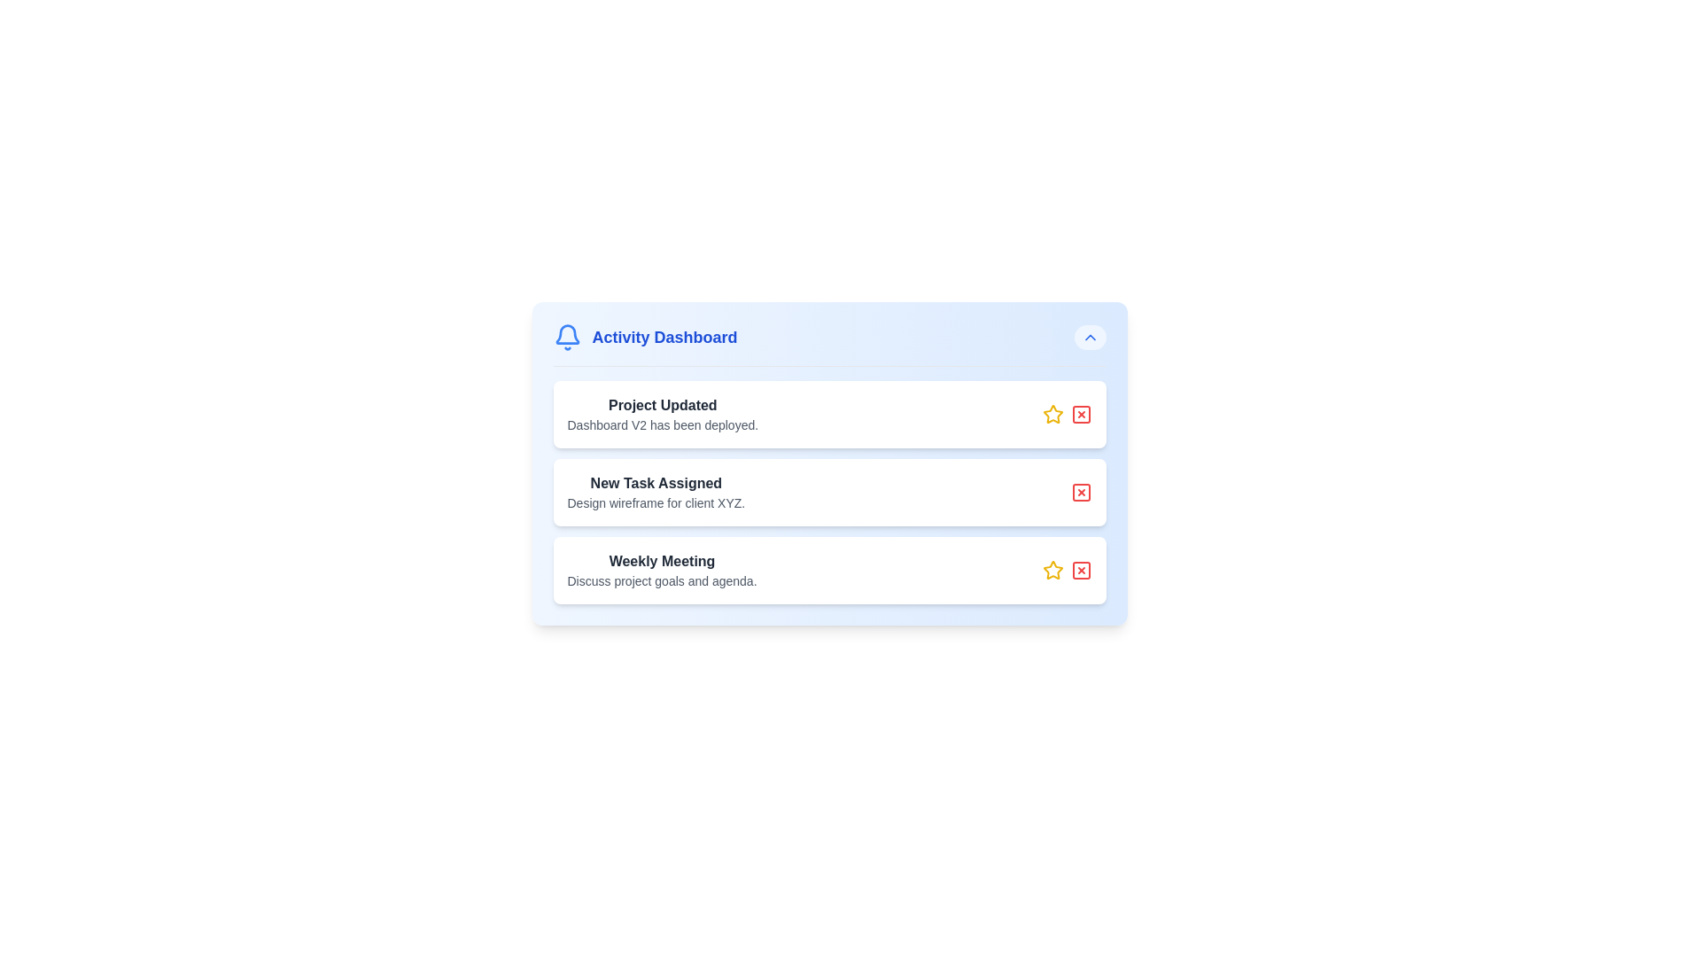 This screenshot has width=1701, height=957. What do you see at coordinates (1080, 571) in the screenshot?
I see `the delete button located to the right of the yellow star icon in the third row of the 'Weekly Meeting' section` at bounding box center [1080, 571].